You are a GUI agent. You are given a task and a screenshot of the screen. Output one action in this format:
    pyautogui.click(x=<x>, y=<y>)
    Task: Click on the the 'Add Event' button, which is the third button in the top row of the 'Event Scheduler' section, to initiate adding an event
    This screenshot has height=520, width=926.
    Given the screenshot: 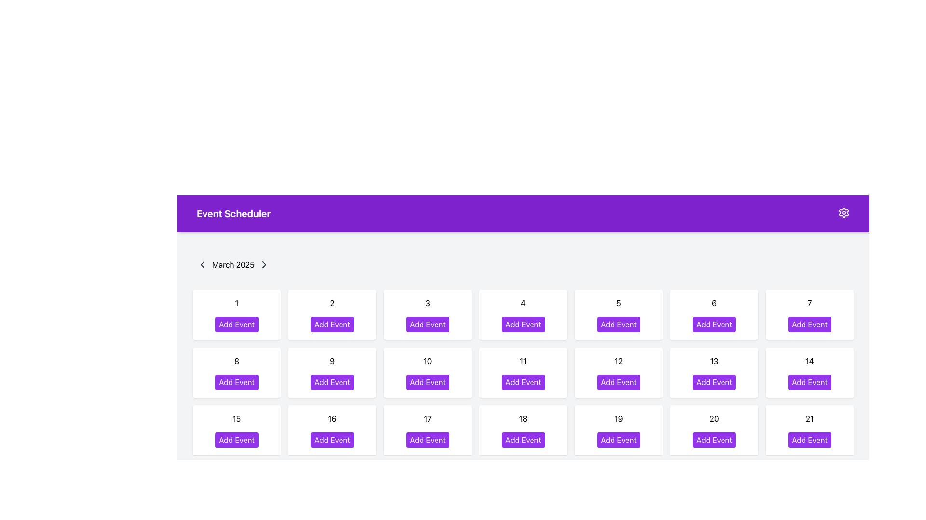 What is the action you would take?
    pyautogui.click(x=427, y=325)
    